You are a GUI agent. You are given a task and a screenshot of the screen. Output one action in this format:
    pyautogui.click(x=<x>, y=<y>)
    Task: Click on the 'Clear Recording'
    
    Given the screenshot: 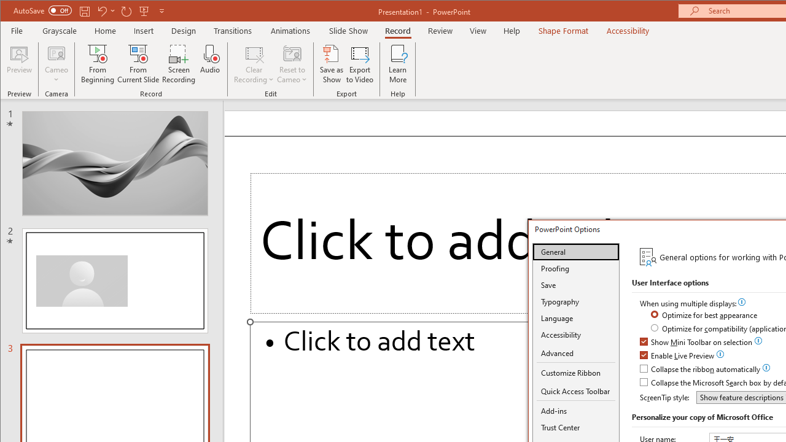 What is the action you would take?
    pyautogui.click(x=254, y=64)
    